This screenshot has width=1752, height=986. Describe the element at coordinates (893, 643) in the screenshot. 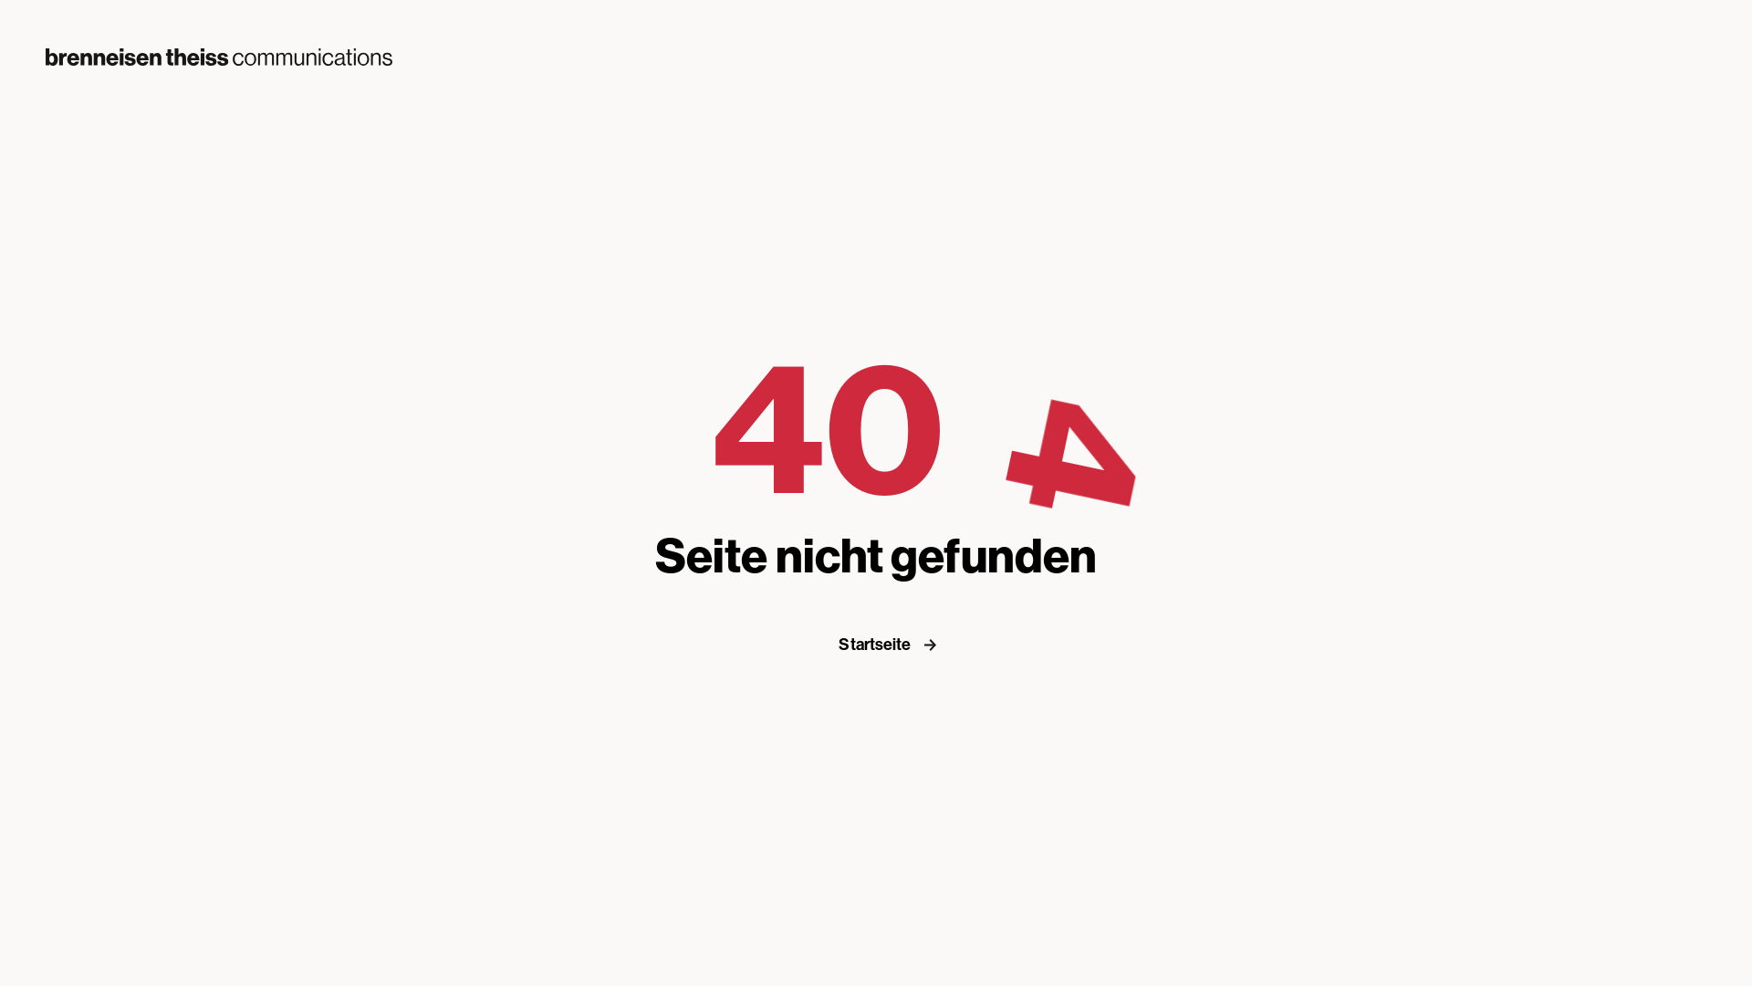

I see `'Startseite'` at that location.